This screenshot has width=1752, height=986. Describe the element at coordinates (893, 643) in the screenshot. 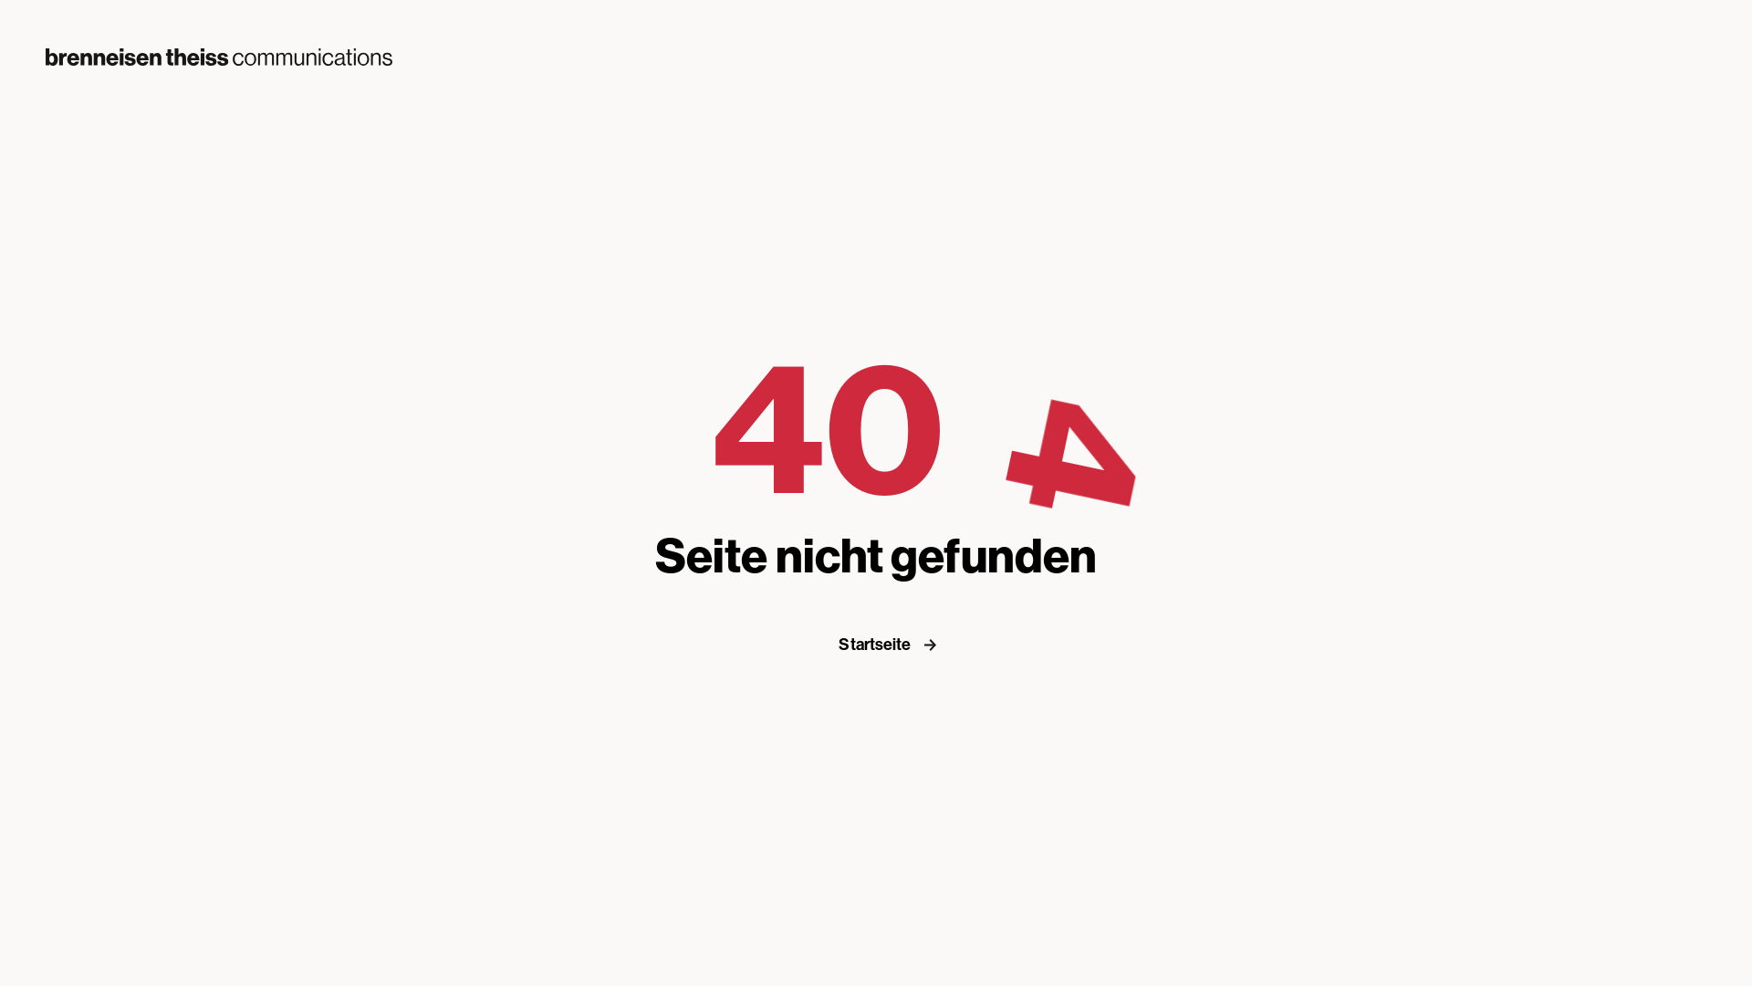

I see `'Startseite'` at that location.